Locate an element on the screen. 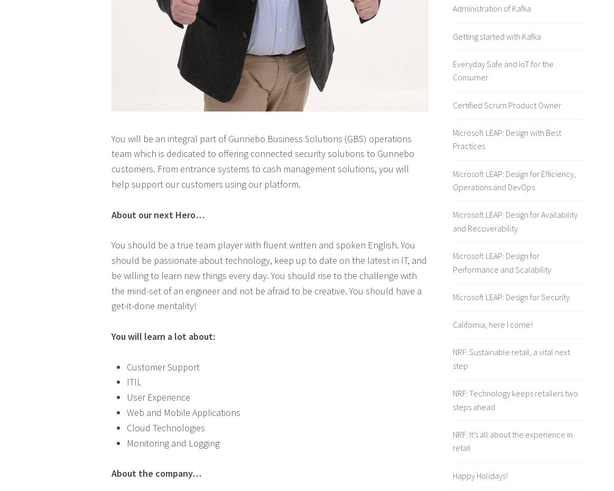  'You should be a true team player with fluent written and spoken English. You should be passionate about technology, keep up to date on the latest in IT, and be willing to learn new things every day. You should rise to the challenge with the mind-set of an engineer and not be afraid to be creative. You should have a get-it-done mentality!' is located at coordinates (269, 275).